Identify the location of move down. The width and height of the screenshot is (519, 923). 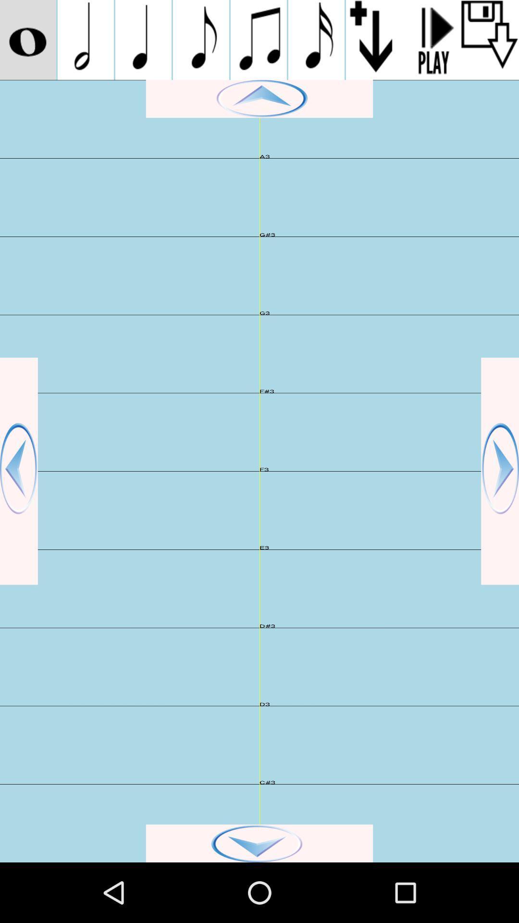
(259, 843).